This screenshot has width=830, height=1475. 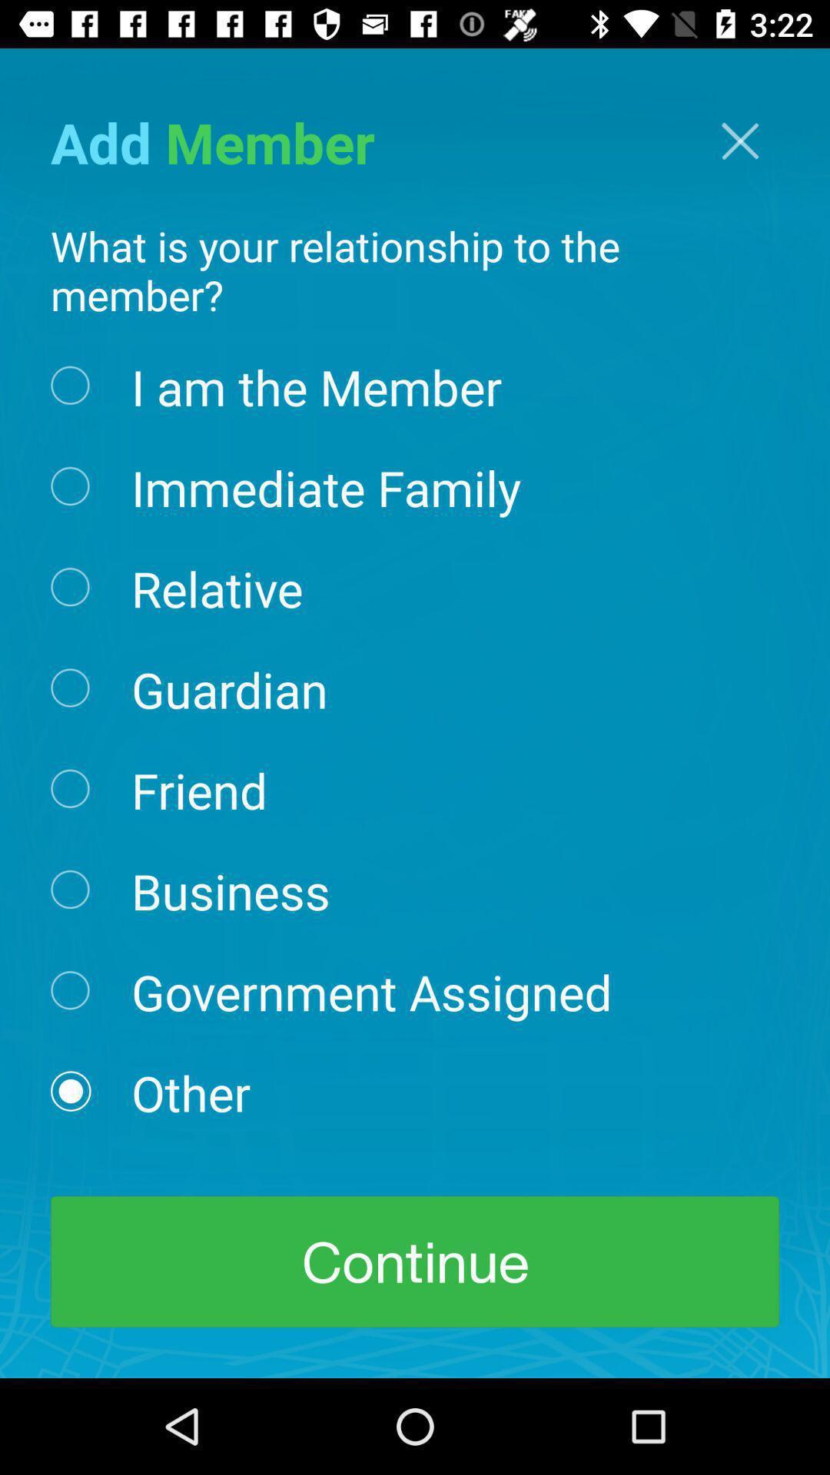 I want to click on item above the other, so click(x=371, y=991).